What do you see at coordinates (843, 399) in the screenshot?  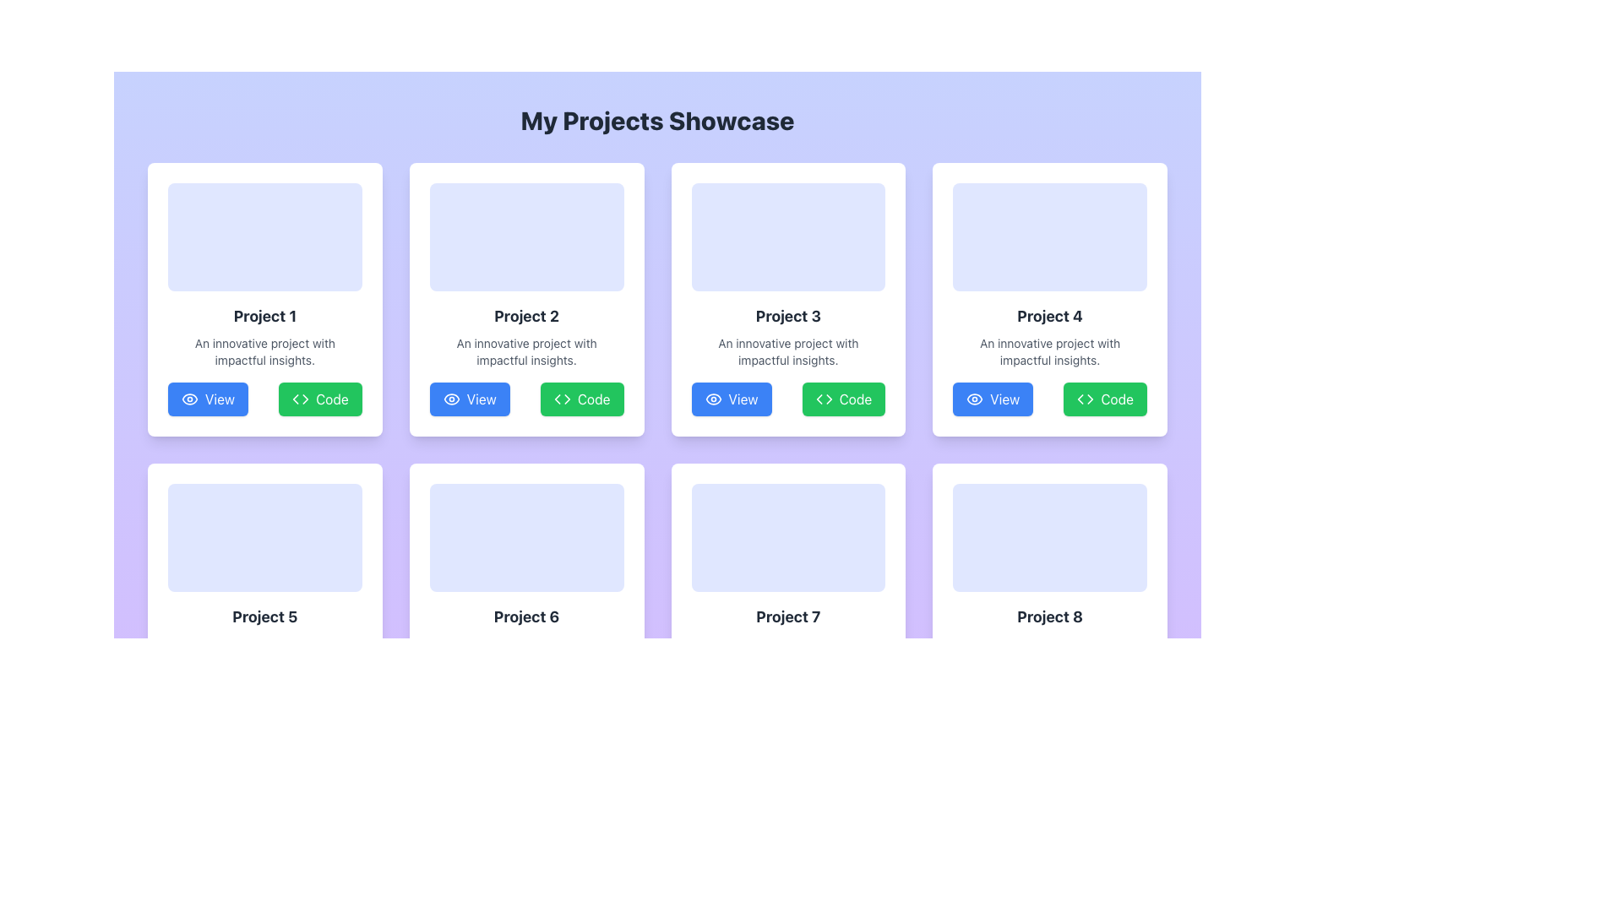 I see `the button labeled 'Project 3' located at the bottom right of the tile for additional context menu options` at bounding box center [843, 399].